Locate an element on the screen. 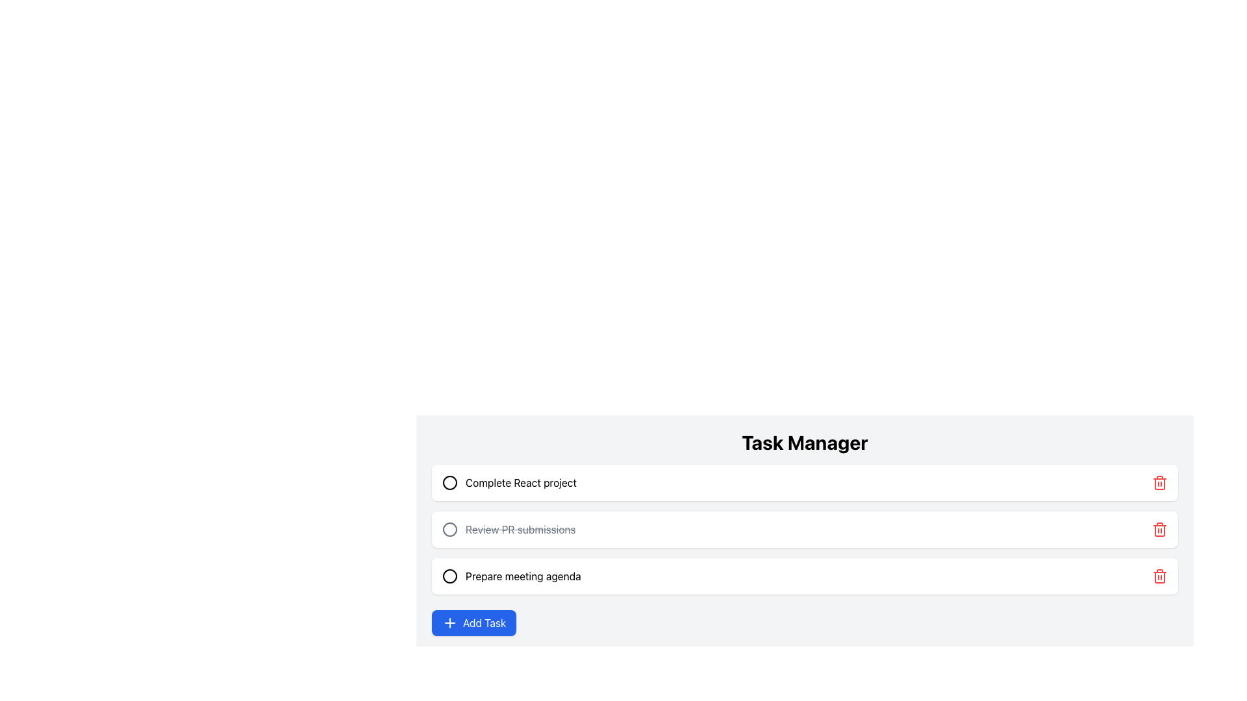 This screenshot has width=1247, height=701. the prominent 'Task Manager' header text, which is displayed in large, bold, centrally aligned font at the top of the interface is located at coordinates (804, 442).